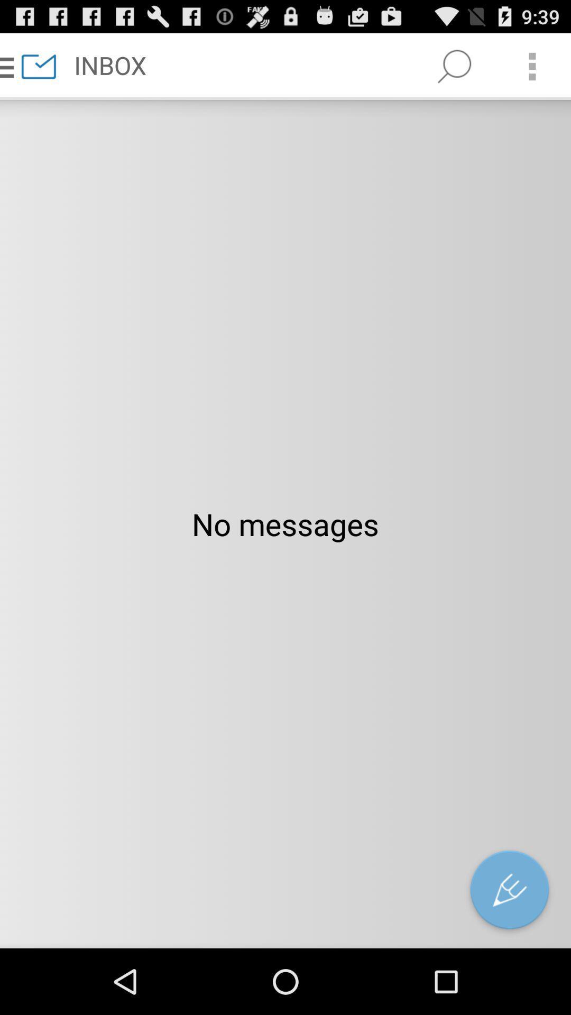 Image resolution: width=571 pixels, height=1015 pixels. I want to click on the app above no messages app, so click(454, 66).